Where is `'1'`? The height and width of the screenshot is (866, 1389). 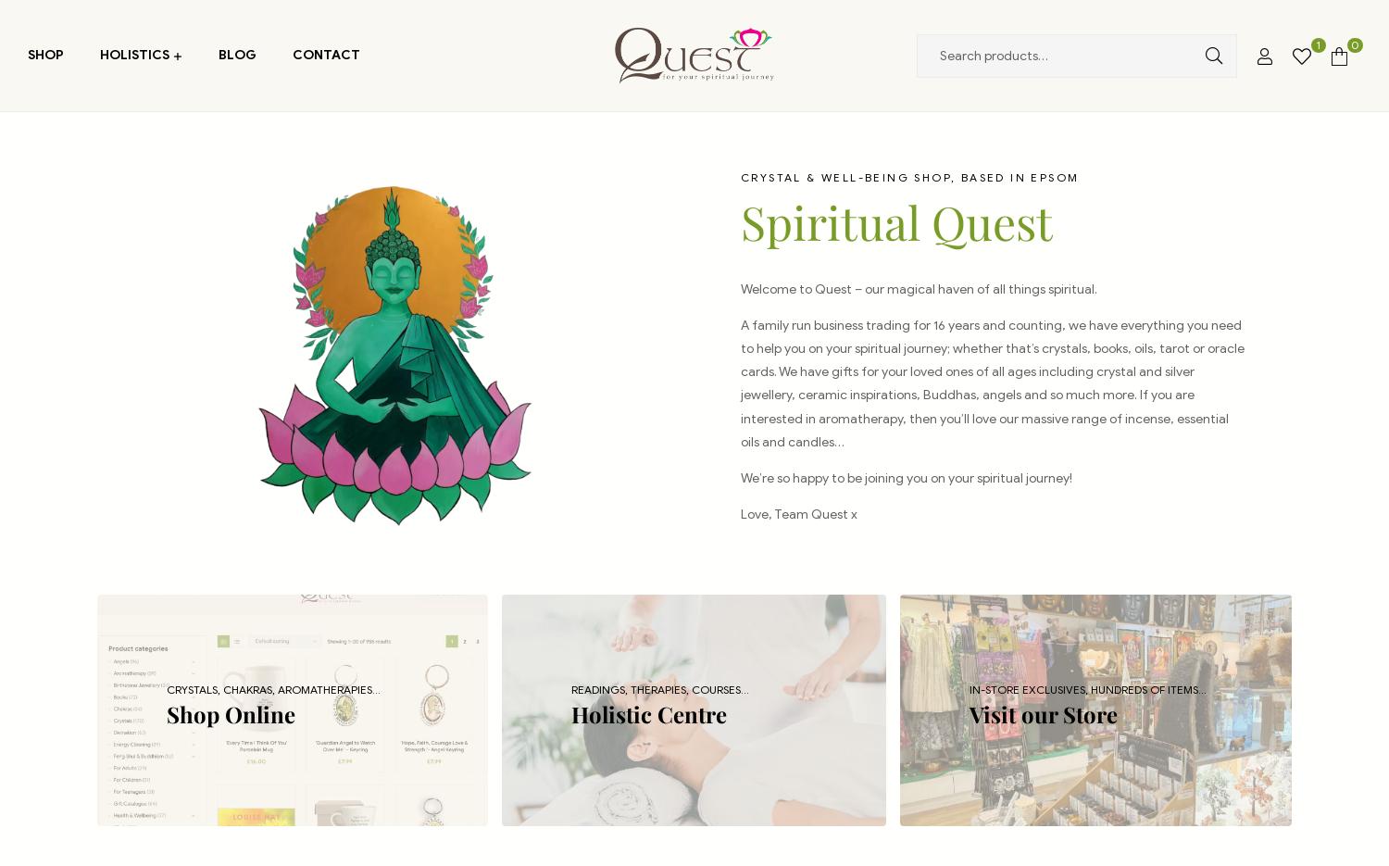
'1' is located at coordinates (1318, 44).